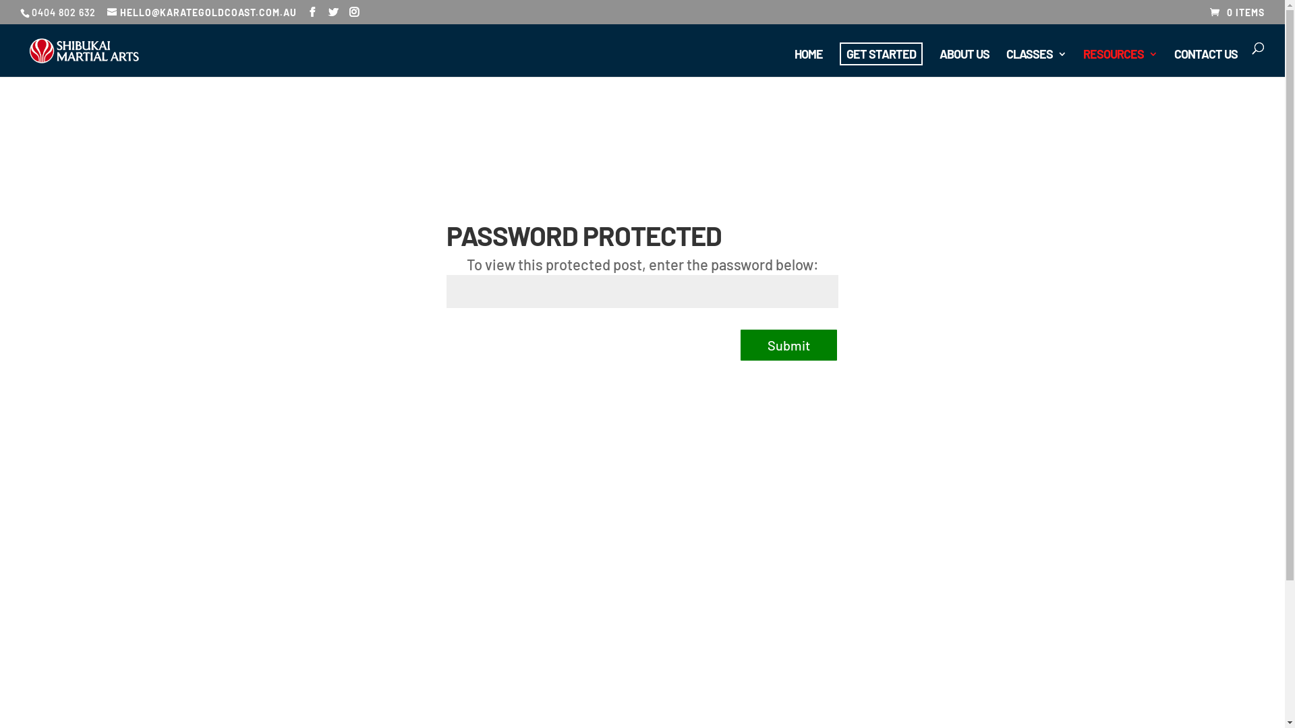 This screenshot has width=1295, height=728. I want to click on 'CONTACT US', so click(1205, 63).